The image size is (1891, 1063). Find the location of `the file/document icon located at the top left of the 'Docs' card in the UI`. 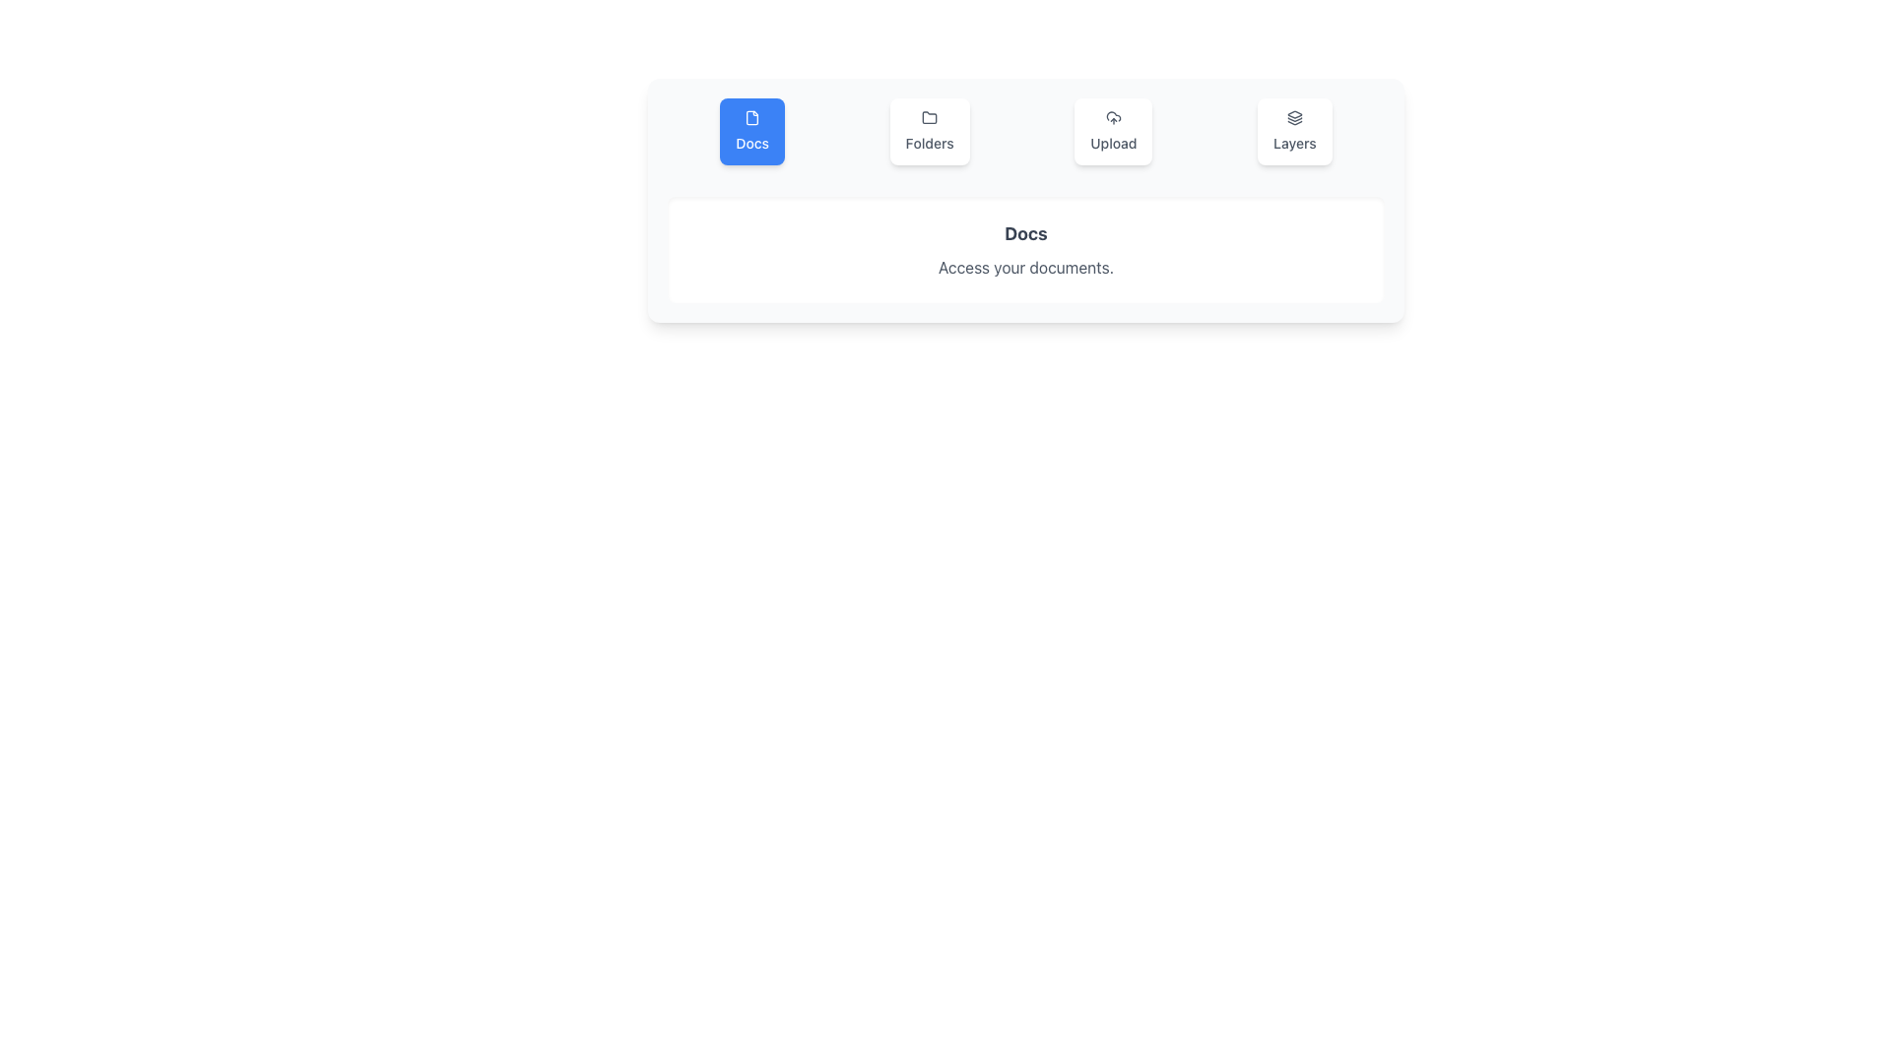

the file/document icon located at the top left of the 'Docs' card in the UI is located at coordinates (751, 117).